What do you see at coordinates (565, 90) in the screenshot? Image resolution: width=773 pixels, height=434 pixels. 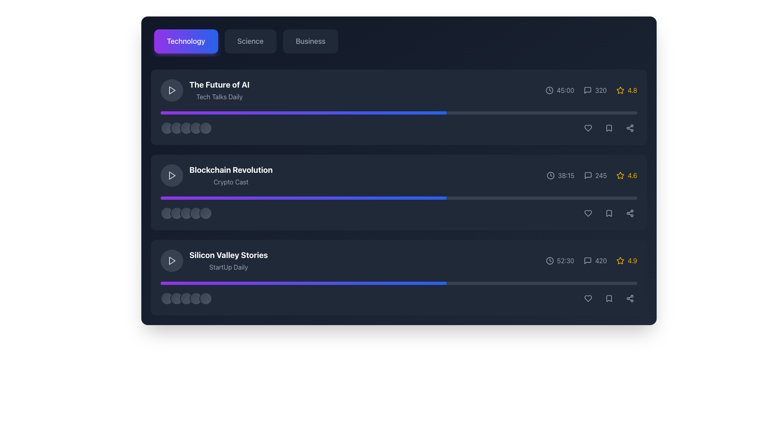 I see `the text label displaying '45:00', which indicates the duration of the media item and is positioned to the right of a clock icon and to the left of the number '320'` at bounding box center [565, 90].